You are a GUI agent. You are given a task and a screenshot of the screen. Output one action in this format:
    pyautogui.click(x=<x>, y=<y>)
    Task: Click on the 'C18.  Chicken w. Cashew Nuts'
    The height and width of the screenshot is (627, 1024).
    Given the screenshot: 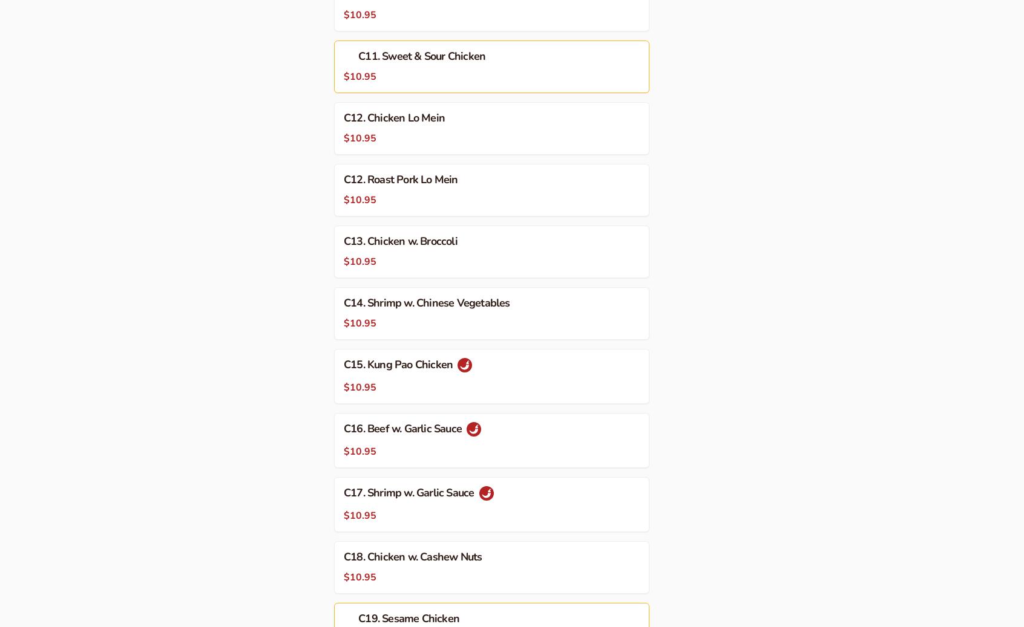 What is the action you would take?
    pyautogui.click(x=413, y=556)
    